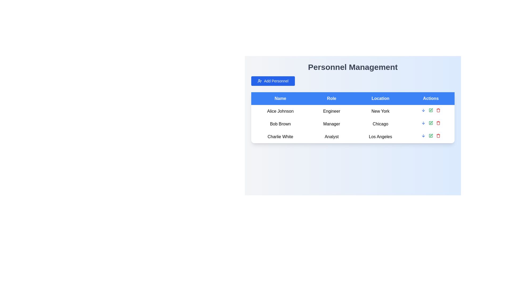 This screenshot has width=511, height=287. What do you see at coordinates (431, 123) in the screenshot?
I see `the edit icon for the 'Bob Brown' entry in the 'Actions' column` at bounding box center [431, 123].